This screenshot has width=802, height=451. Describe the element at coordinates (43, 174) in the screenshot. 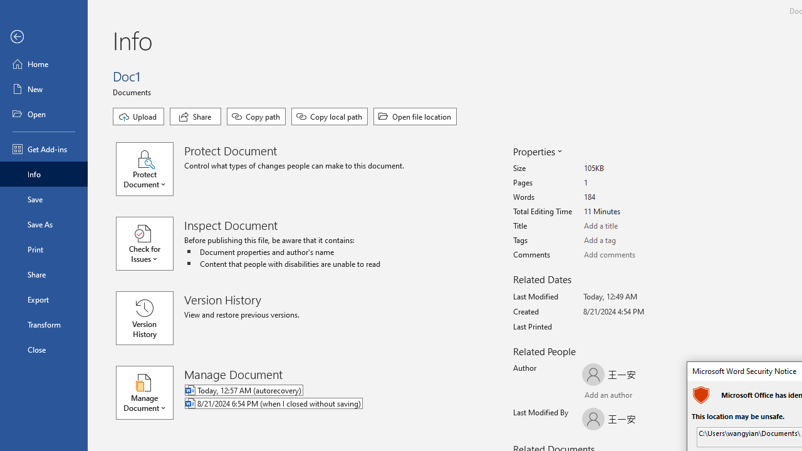

I see `'Info'` at that location.